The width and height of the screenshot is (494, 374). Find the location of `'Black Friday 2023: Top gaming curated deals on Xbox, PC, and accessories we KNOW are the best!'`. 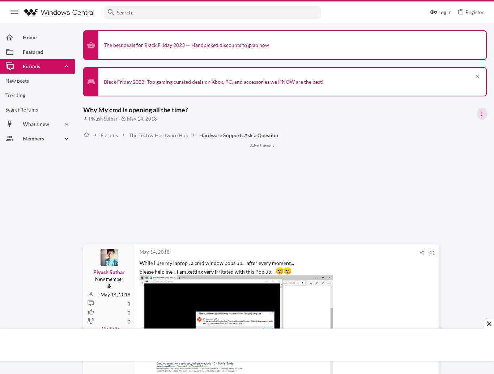

'Black Friday 2023: Top gaming curated deals on Xbox, PC, and accessories we KNOW are the best!' is located at coordinates (103, 81).